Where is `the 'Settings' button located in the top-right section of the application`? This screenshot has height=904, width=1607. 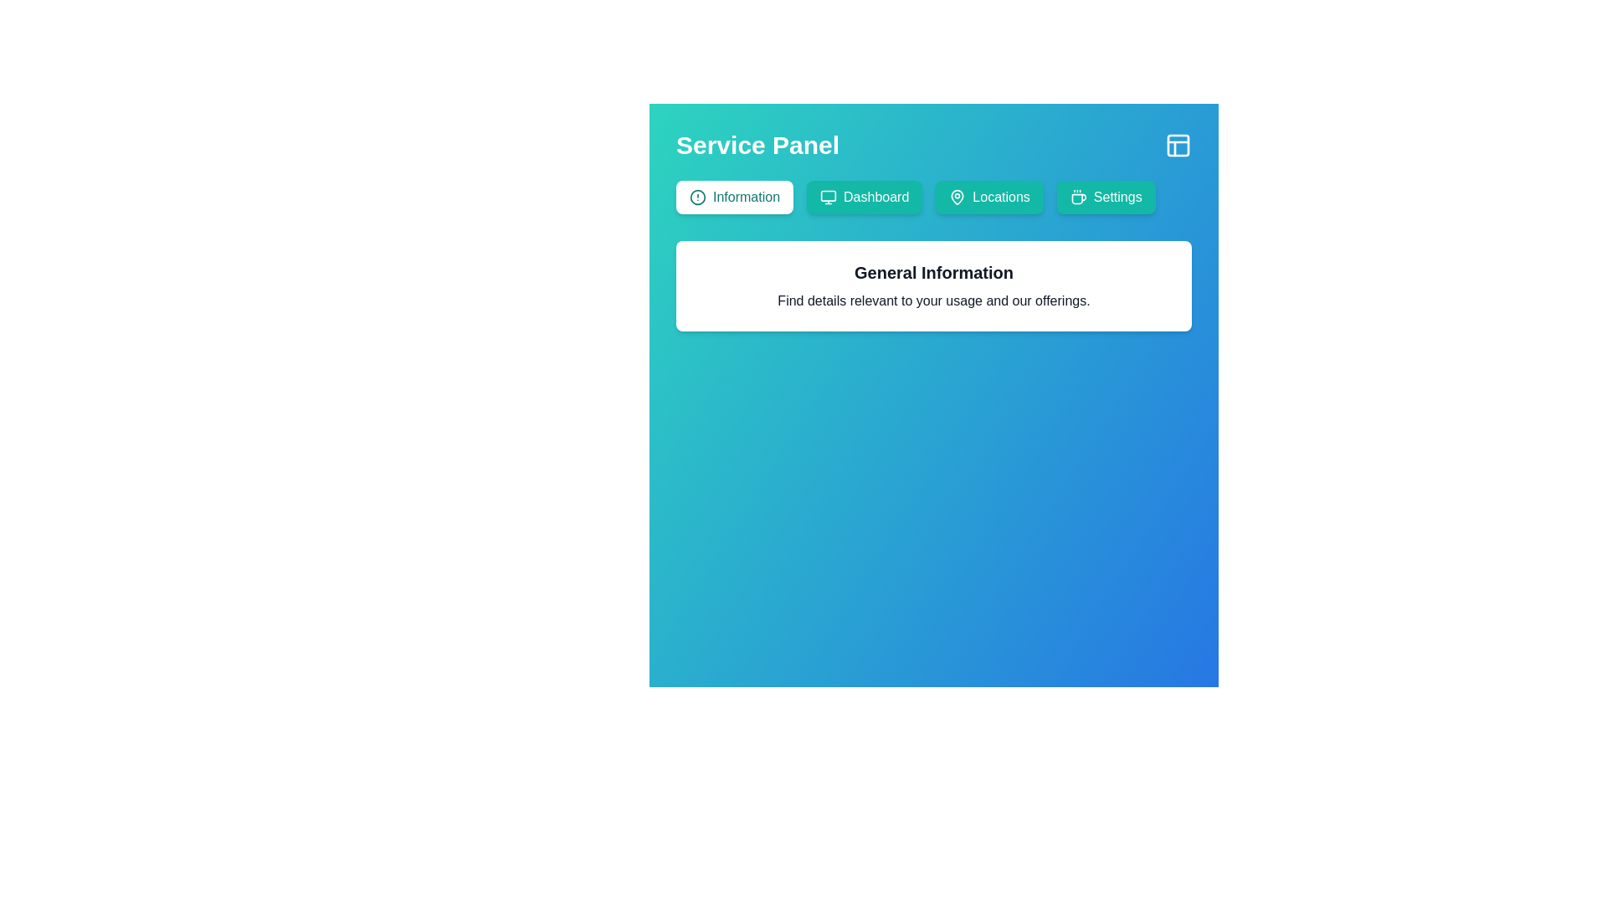 the 'Settings' button located in the top-right section of the application is located at coordinates (1106, 196).